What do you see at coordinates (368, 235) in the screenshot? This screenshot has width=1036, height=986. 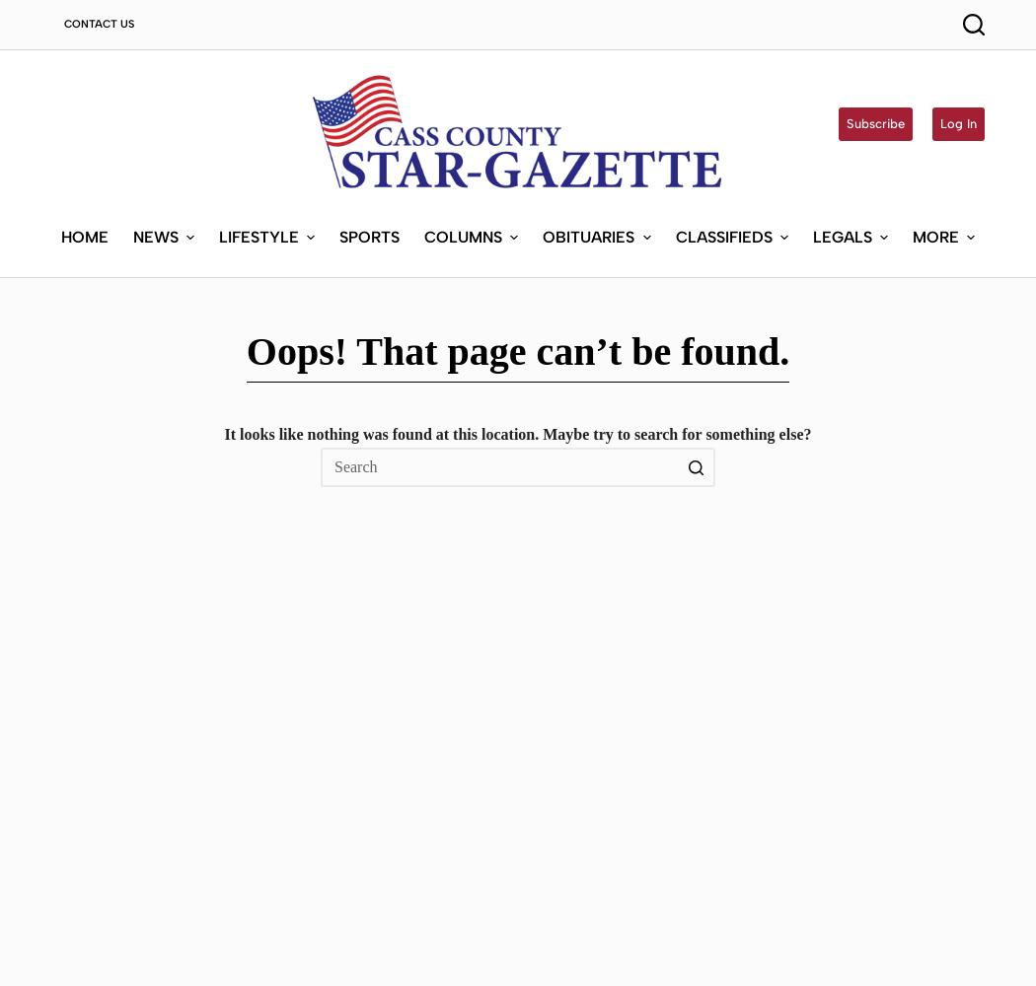 I see `'Sports'` at bounding box center [368, 235].